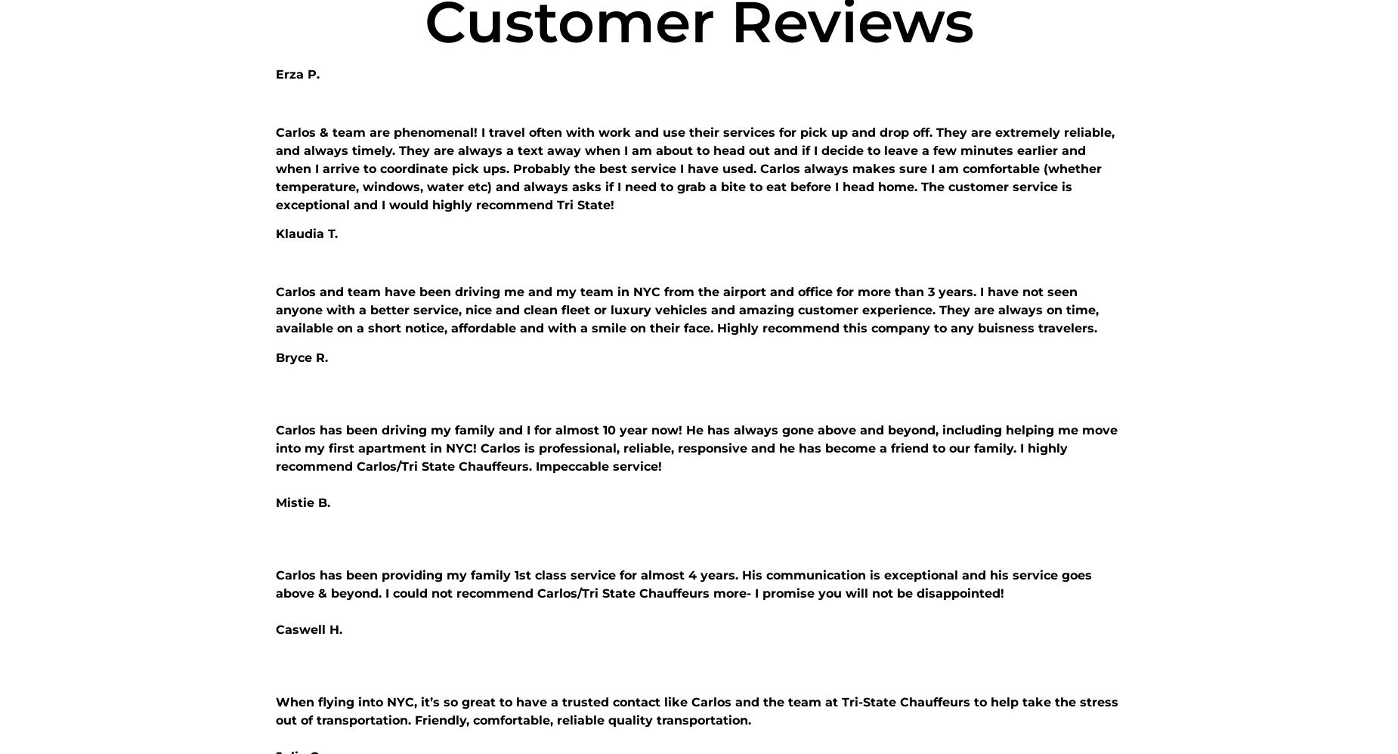 This screenshot has width=1398, height=754. What do you see at coordinates (308, 629) in the screenshot?
I see `'Caswell H.'` at bounding box center [308, 629].